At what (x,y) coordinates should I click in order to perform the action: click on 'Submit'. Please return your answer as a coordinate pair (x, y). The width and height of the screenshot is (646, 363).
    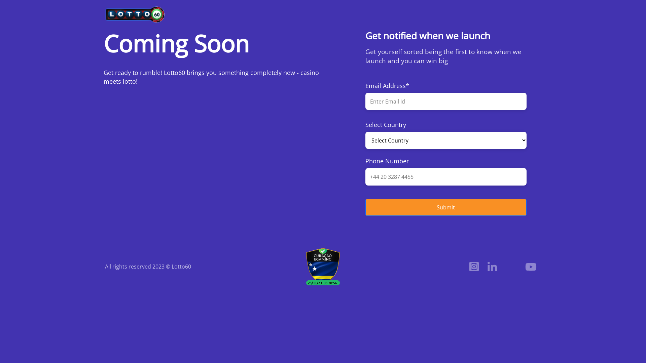
    Looking at the image, I should click on (446, 197).